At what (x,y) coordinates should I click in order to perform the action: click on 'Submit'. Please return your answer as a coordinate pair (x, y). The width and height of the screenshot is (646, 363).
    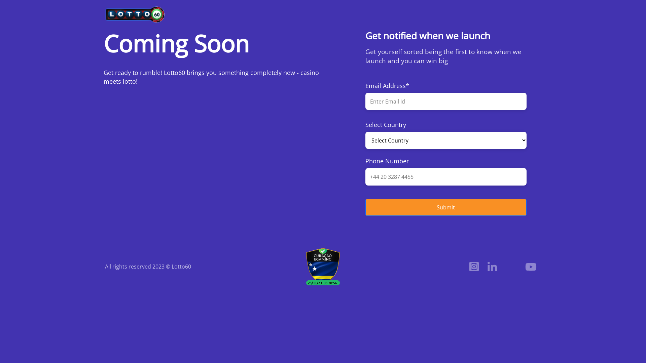
    Looking at the image, I should click on (446, 197).